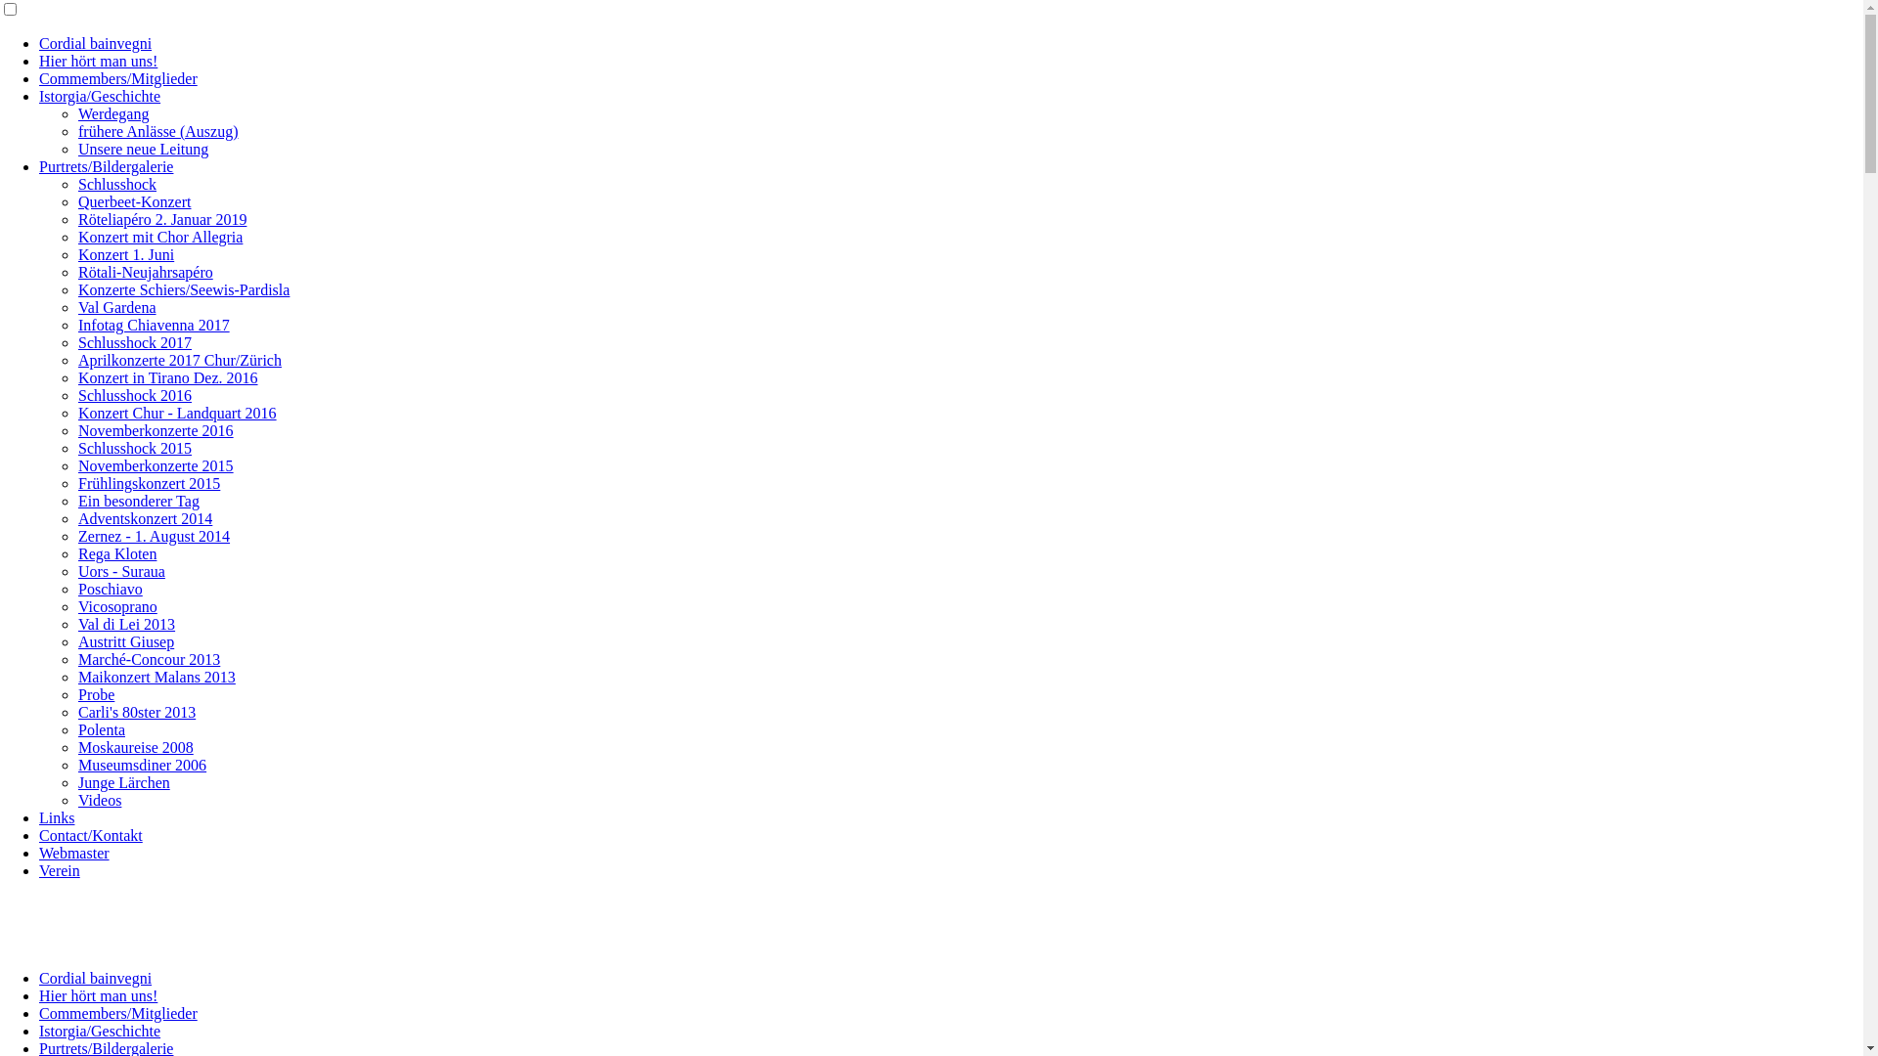  I want to click on 'Istorgia/Geschichte', so click(98, 96).